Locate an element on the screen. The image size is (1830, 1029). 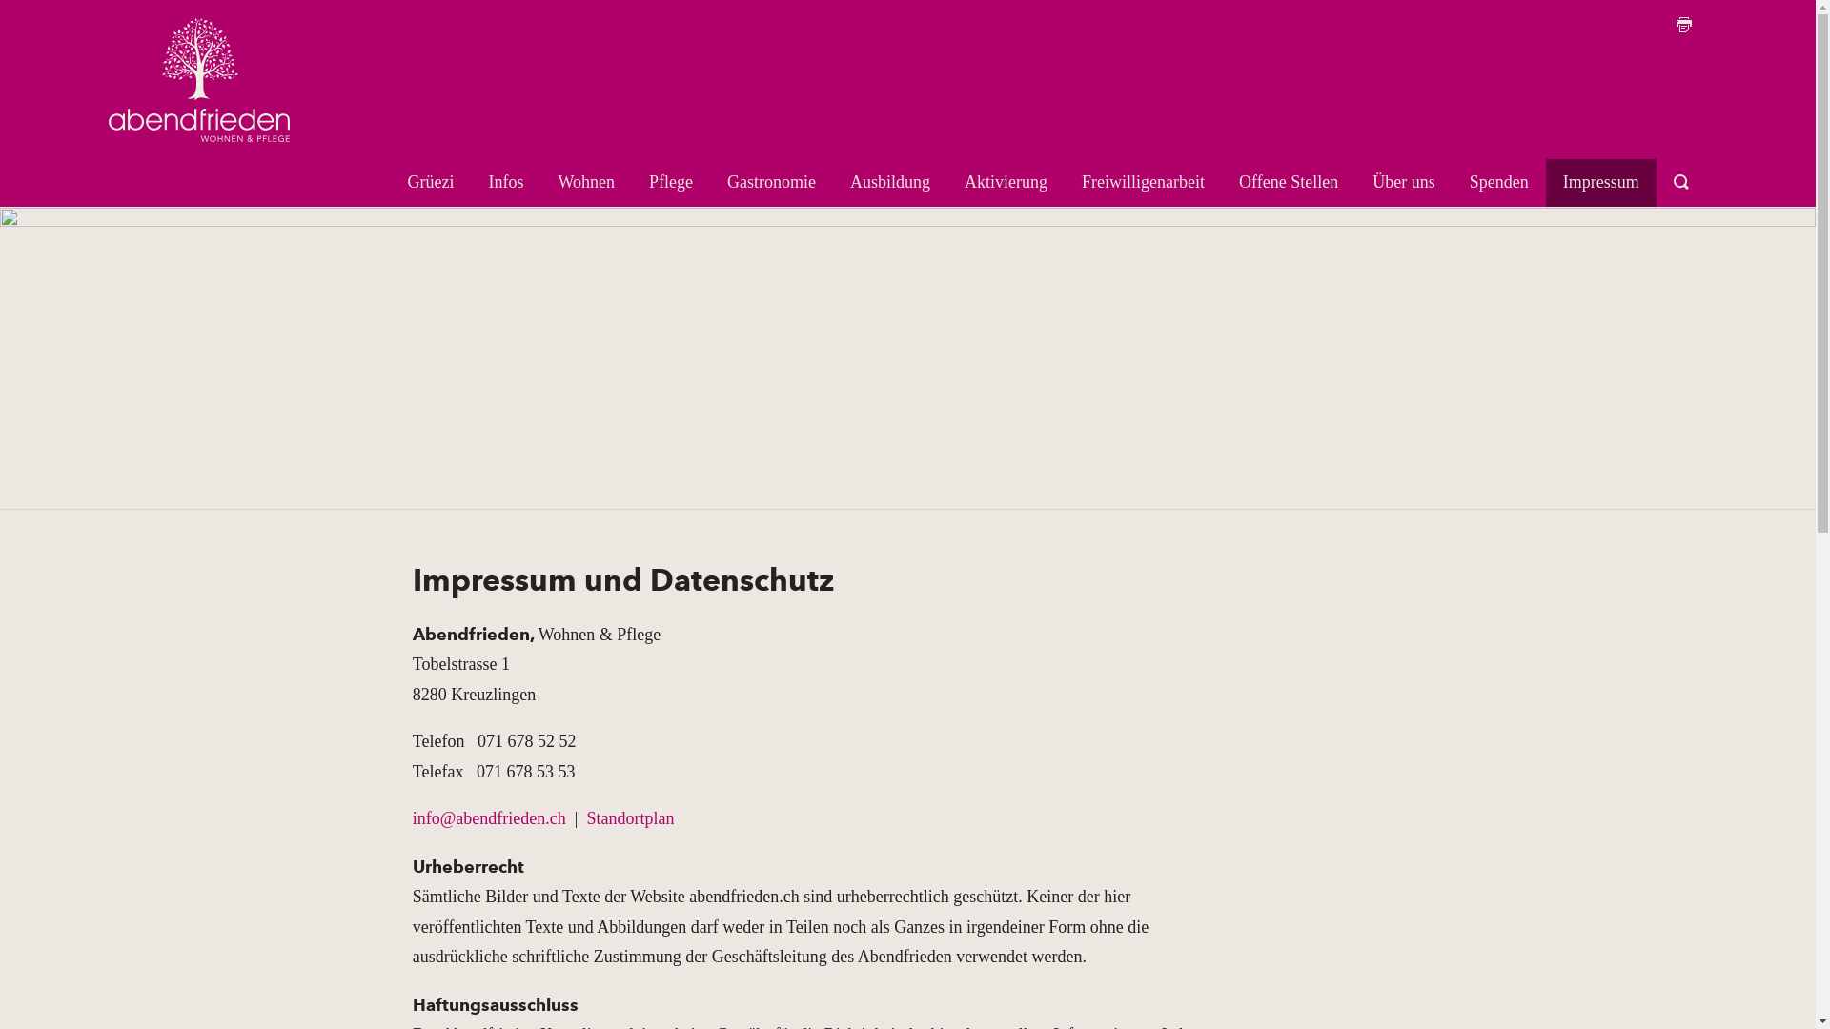
'Ausbildung' is located at coordinates (889, 183).